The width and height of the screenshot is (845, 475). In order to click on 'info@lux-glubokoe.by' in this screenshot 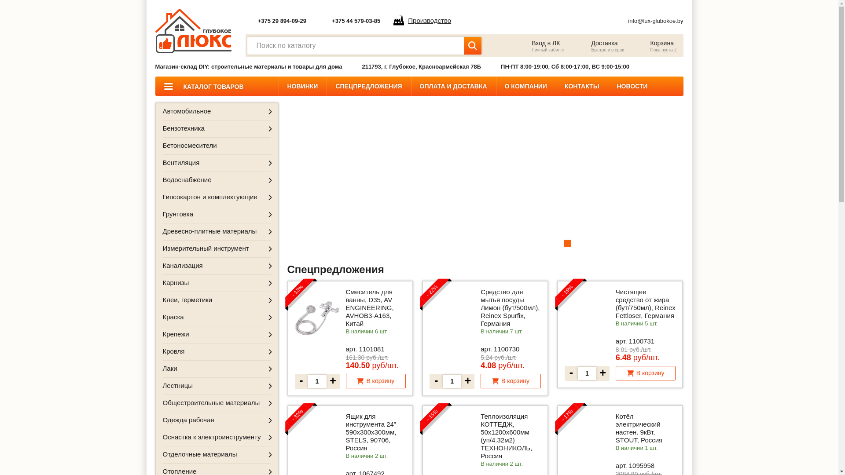, I will do `click(627, 20)`.